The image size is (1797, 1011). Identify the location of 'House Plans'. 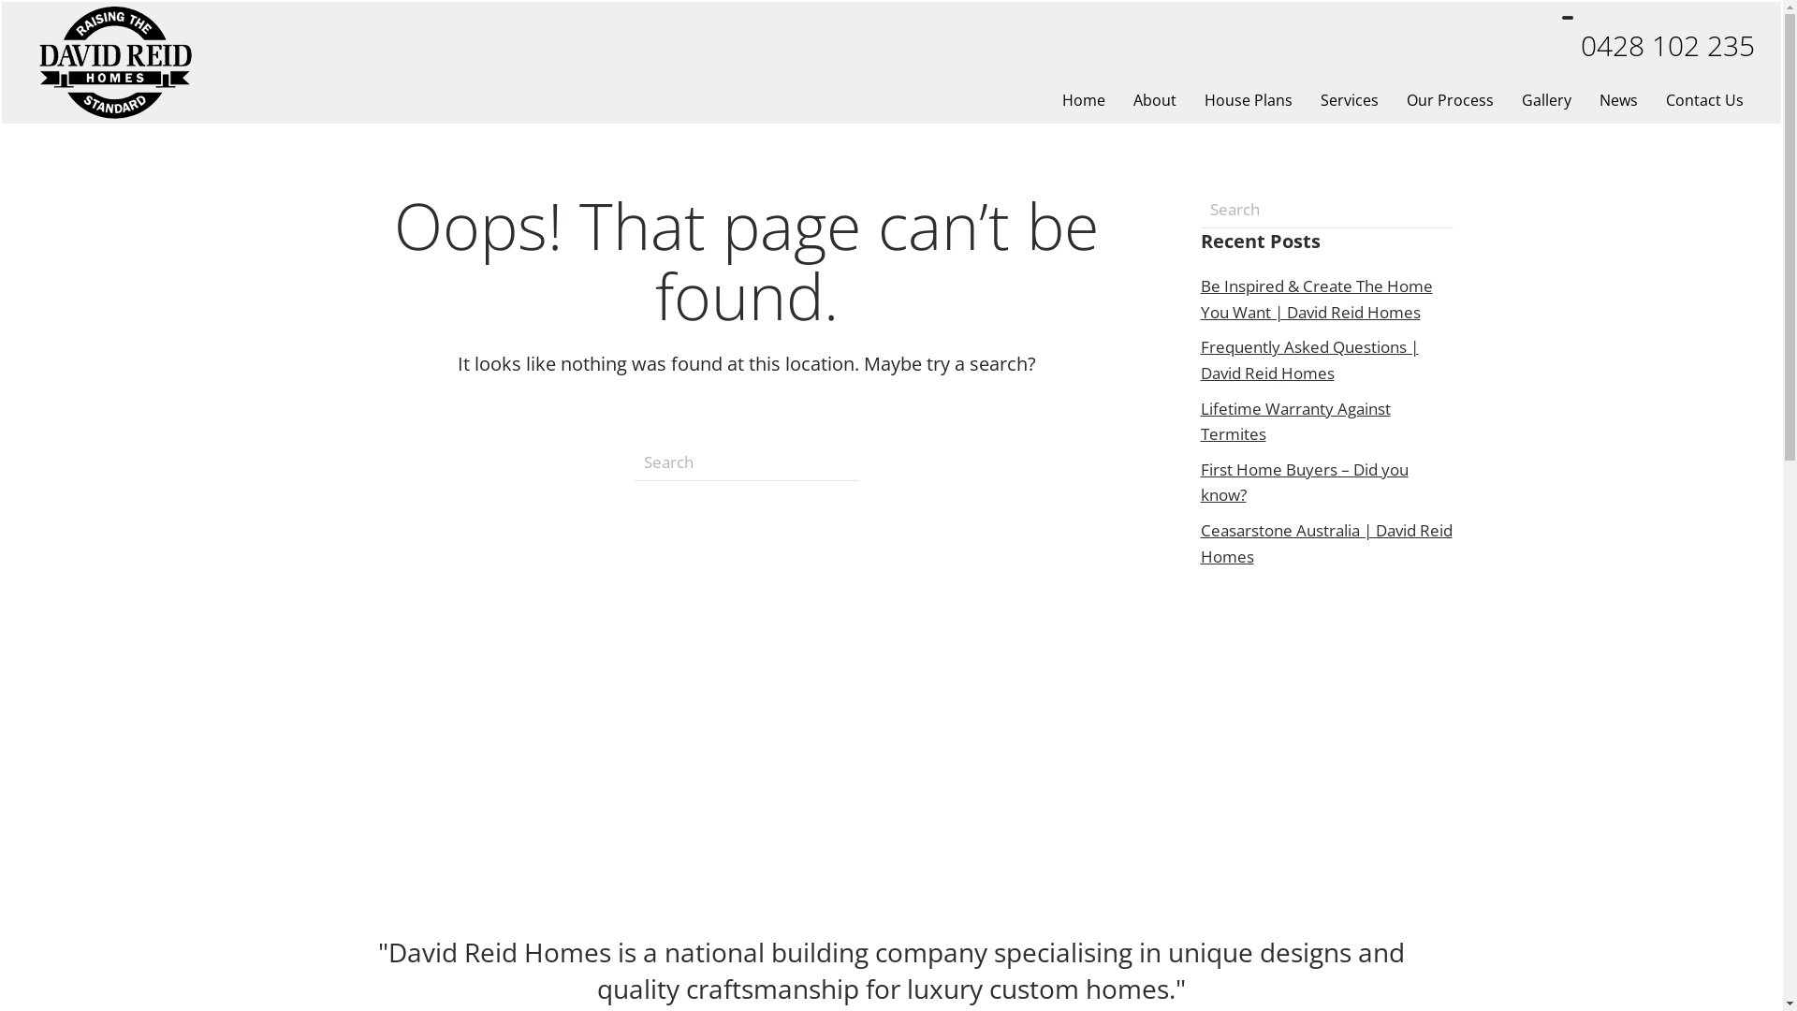
(1249, 100).